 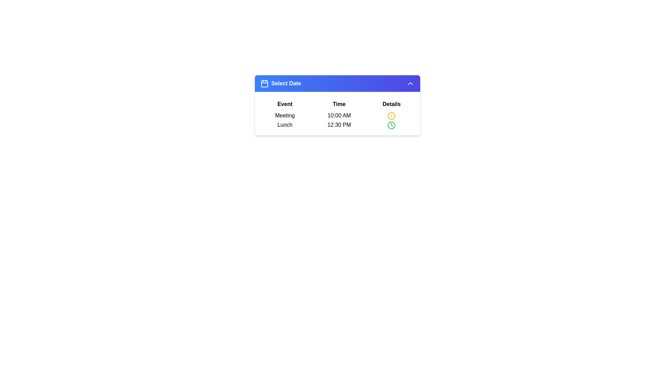 What do you see at coordinates (337, 105) in the screenshot?
I see `the text label in the table header that indicates time details for events, positioned centrally between 'Event' and 'Details'` at bounding box center [337, 105].